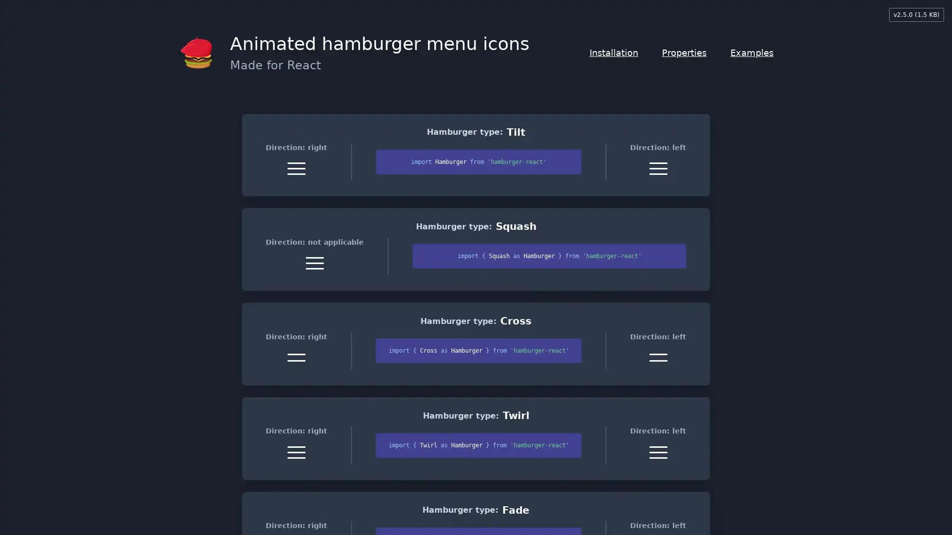 The width and height of the screenshot is (952, 535). Describe the element at coordinates (613, 53) in the screenshot. I see `Installation` at that location.